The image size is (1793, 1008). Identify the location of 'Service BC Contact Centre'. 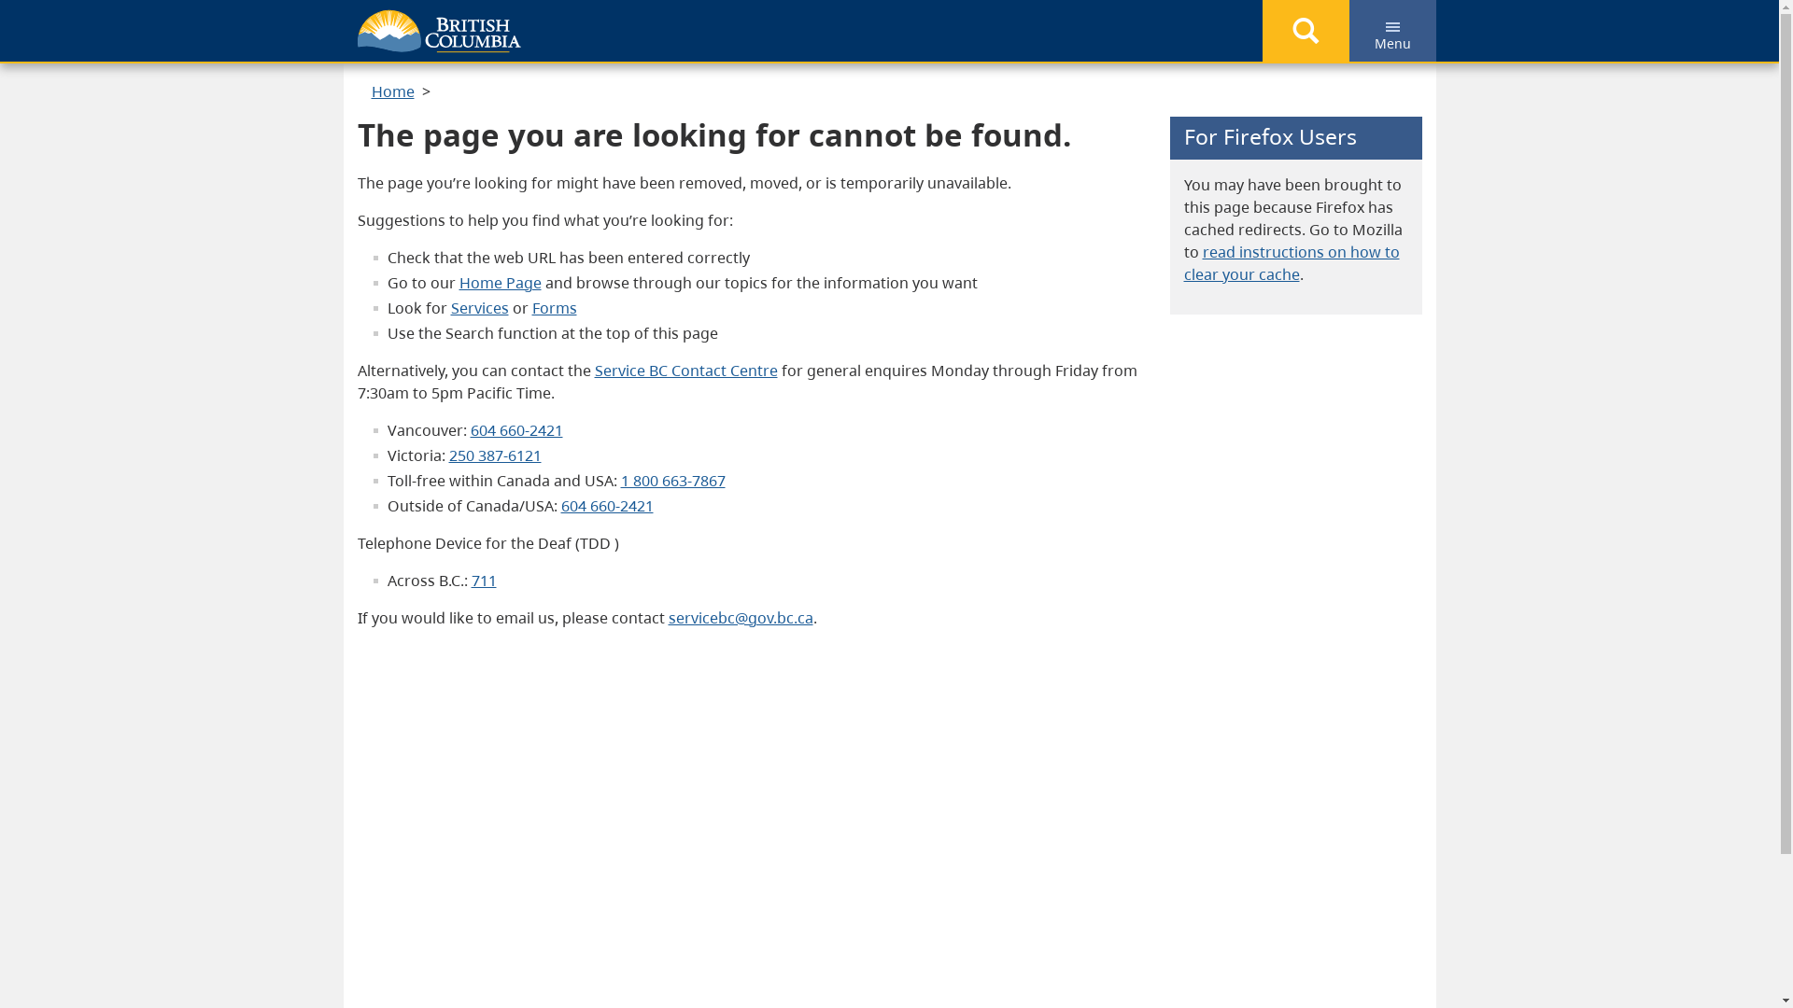
(592, 371).